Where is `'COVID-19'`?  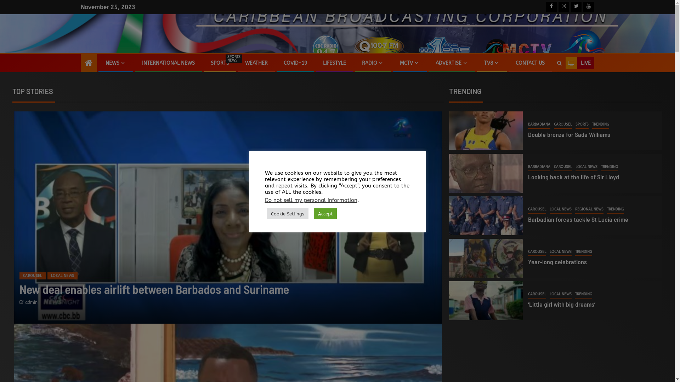
'COVID-19' is located at coordinates (295, 63).